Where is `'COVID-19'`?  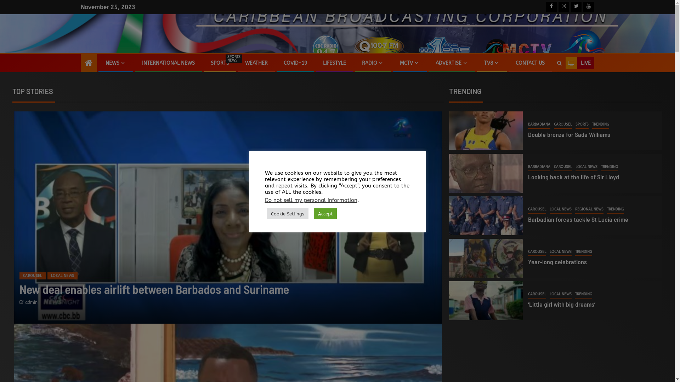
'COVID-19' is located at coordinates (295, 63).